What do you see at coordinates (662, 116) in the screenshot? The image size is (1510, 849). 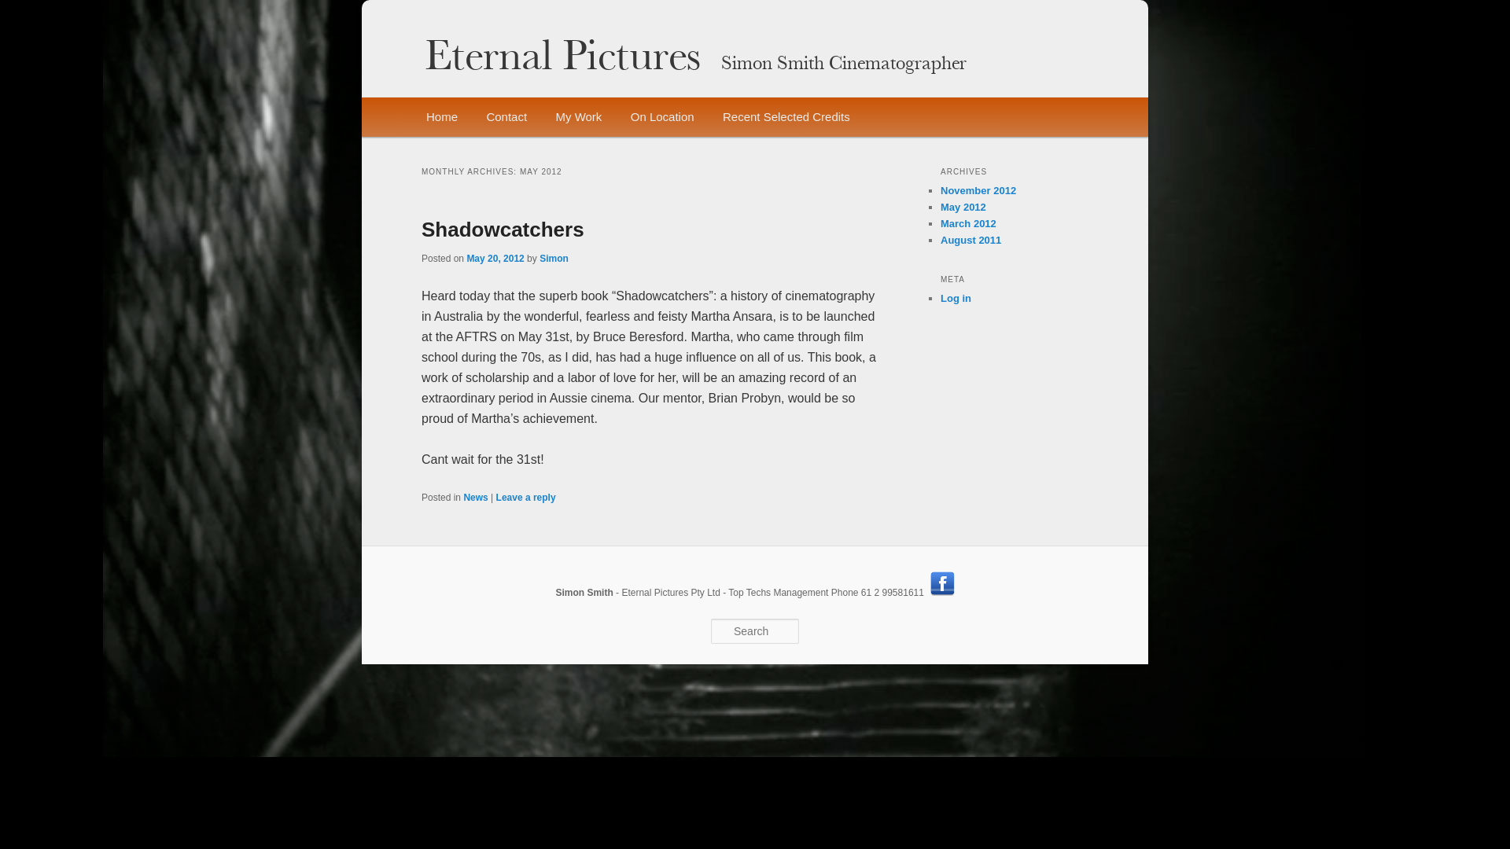 I see `'On Location'` at bounding box center [662, 116].